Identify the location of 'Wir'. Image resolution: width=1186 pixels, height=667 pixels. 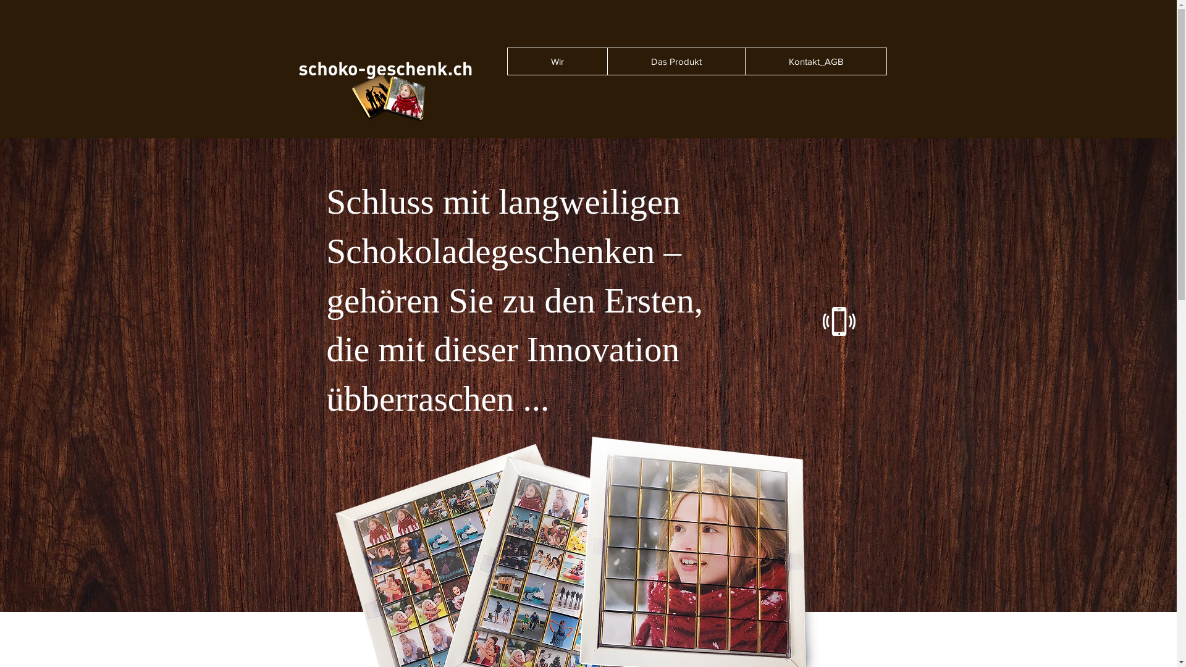
(557, 61).